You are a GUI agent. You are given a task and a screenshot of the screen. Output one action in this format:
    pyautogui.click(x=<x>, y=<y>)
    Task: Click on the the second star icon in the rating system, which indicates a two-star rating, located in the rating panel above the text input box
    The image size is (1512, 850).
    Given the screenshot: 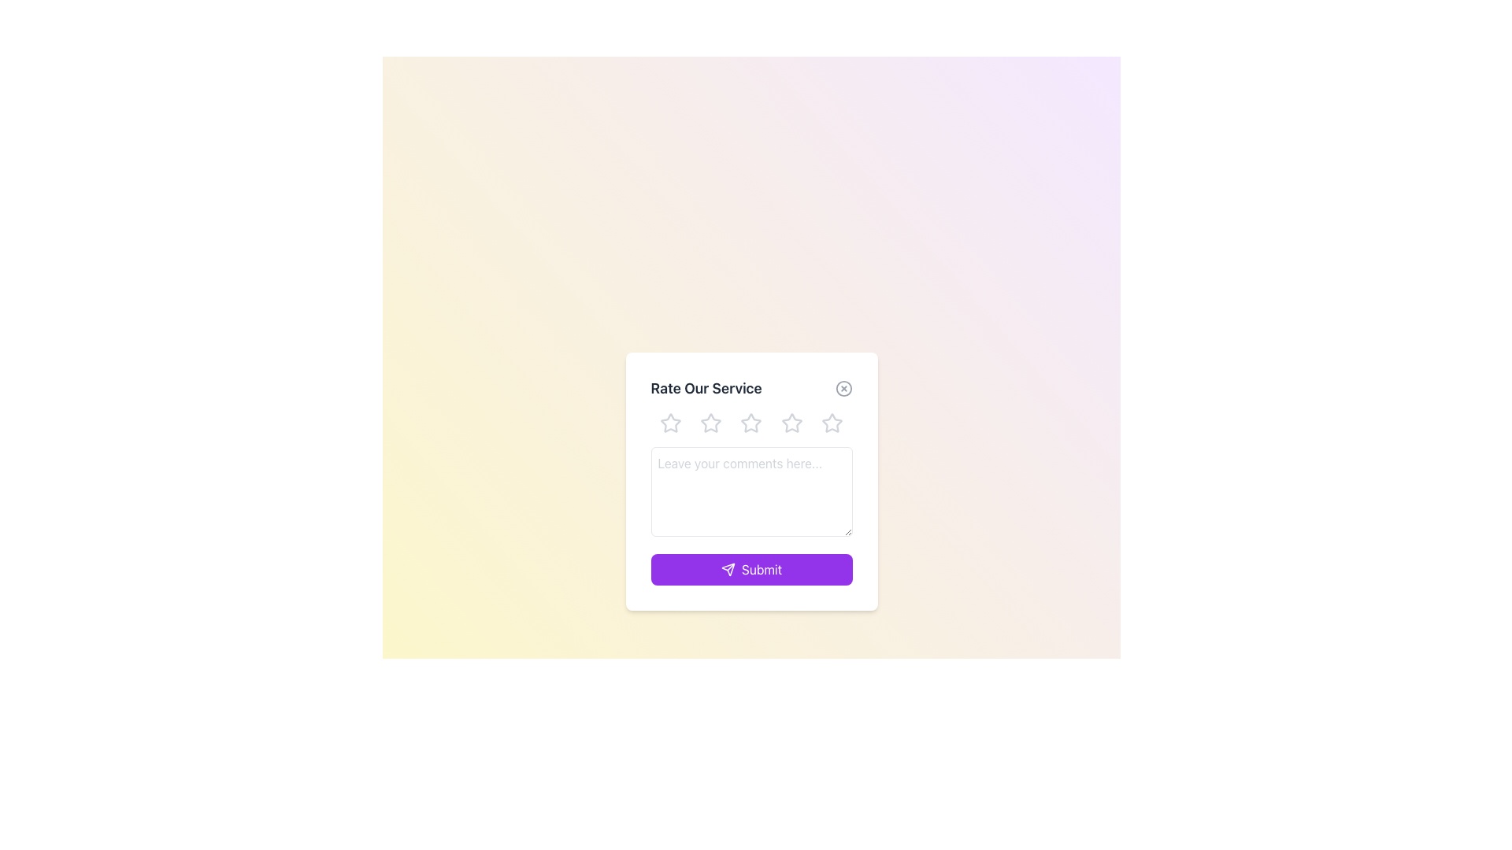 What is the action you would take?
    pyautogui.click(x=710, y=422)
    